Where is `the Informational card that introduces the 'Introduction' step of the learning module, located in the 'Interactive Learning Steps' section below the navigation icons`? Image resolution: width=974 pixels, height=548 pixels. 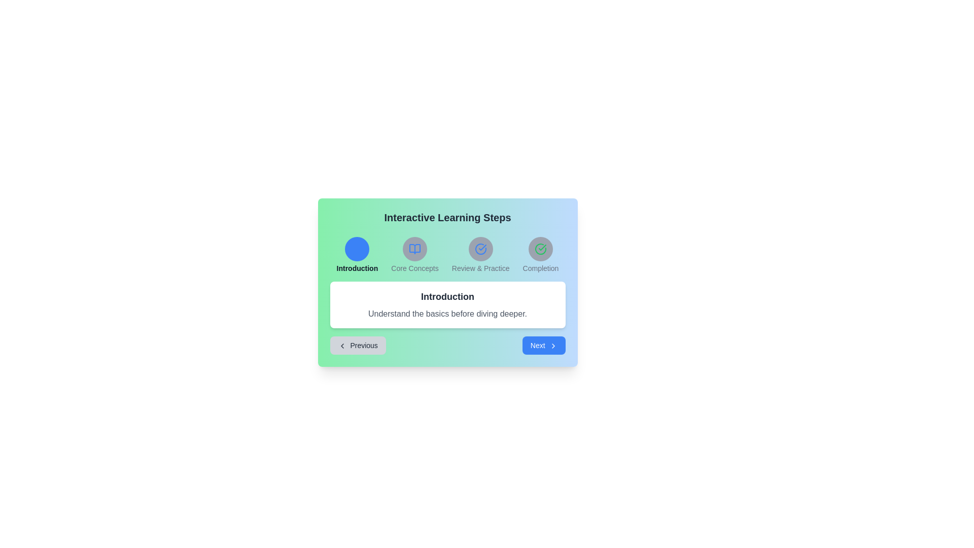 the Informational card that introduces the 'Introduction' step of the learning module, located in the 'Interactive Learning Steps' section below the navigation icons is located at coordinates (447, 304).